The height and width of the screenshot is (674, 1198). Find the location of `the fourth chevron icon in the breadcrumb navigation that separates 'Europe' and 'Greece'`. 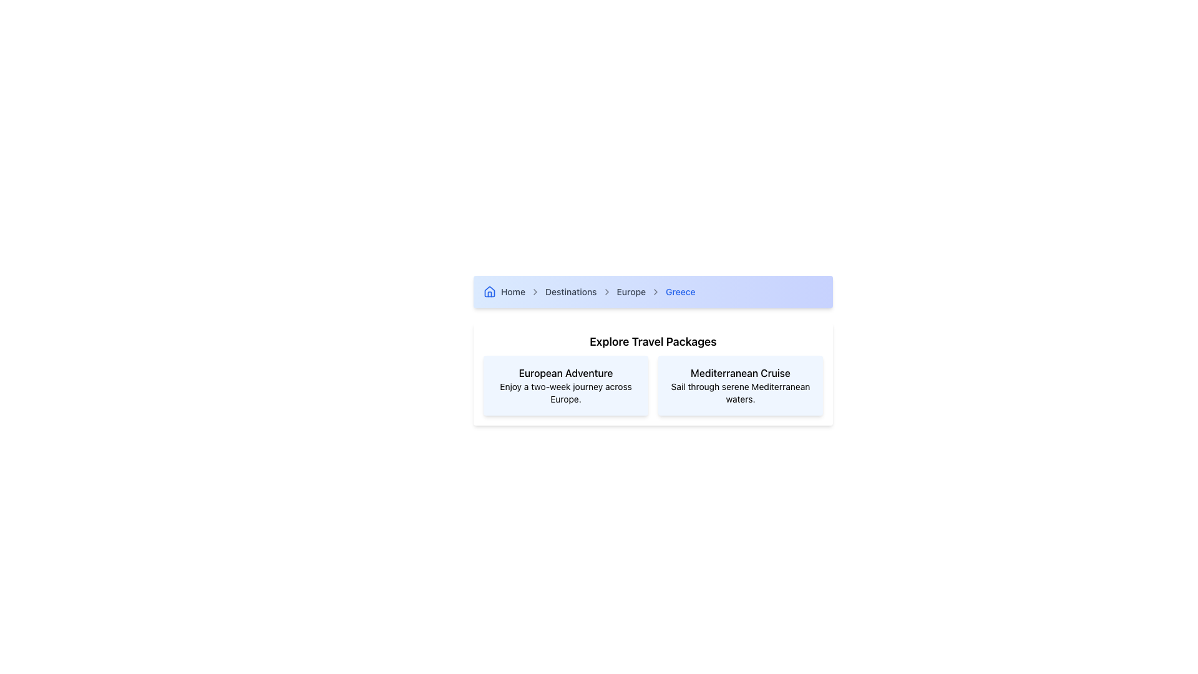

the fourth chevron icon in the breadcrumb navigation that separates 'Europe' and 'Greece' is located at coordinates (655, 291).